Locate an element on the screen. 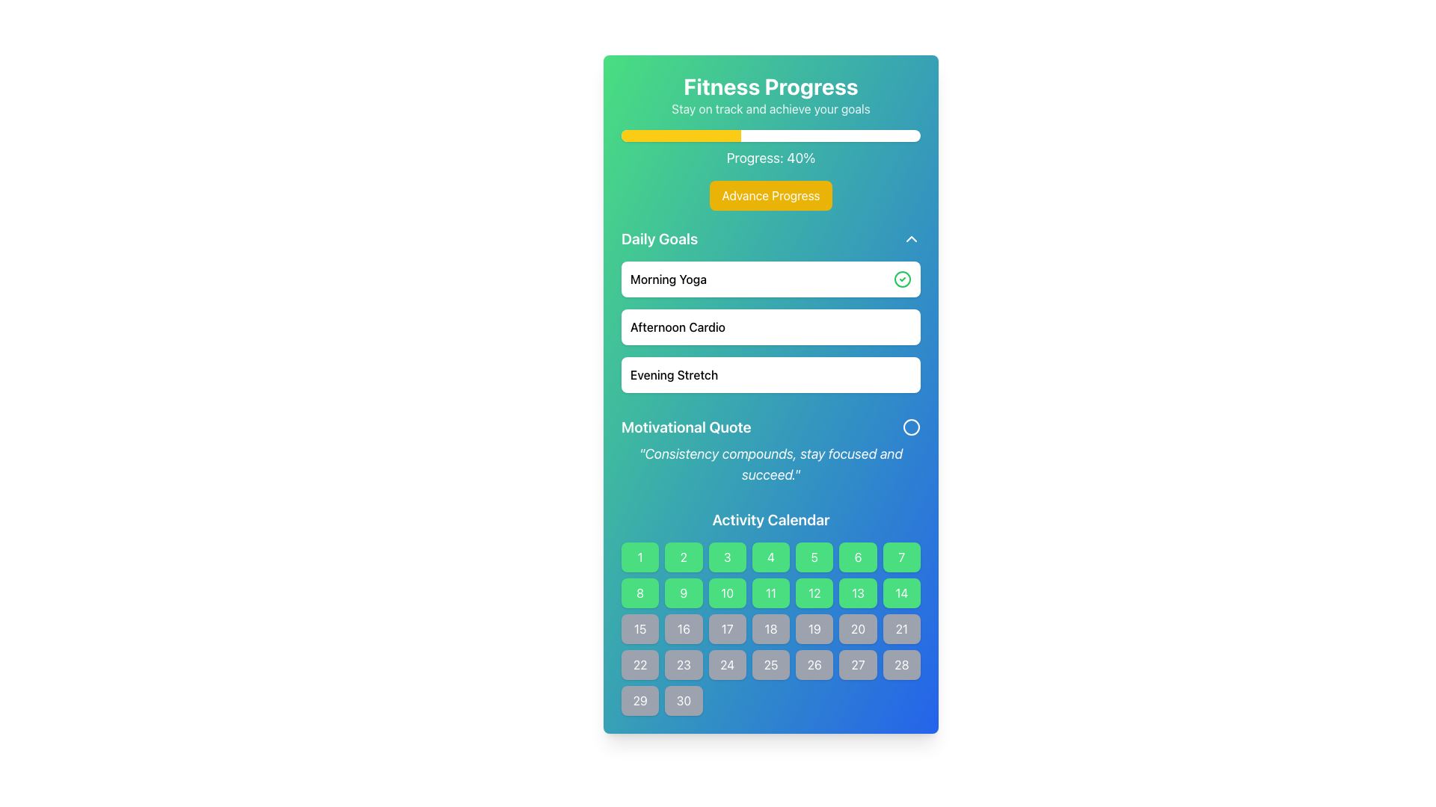 This screenshot has width=1436, height=807. the visual indicator for the day '27' in the 'Activity Calendar' grid, located in the bottom row and sixth column from the left is located at coordinates (858, 664).